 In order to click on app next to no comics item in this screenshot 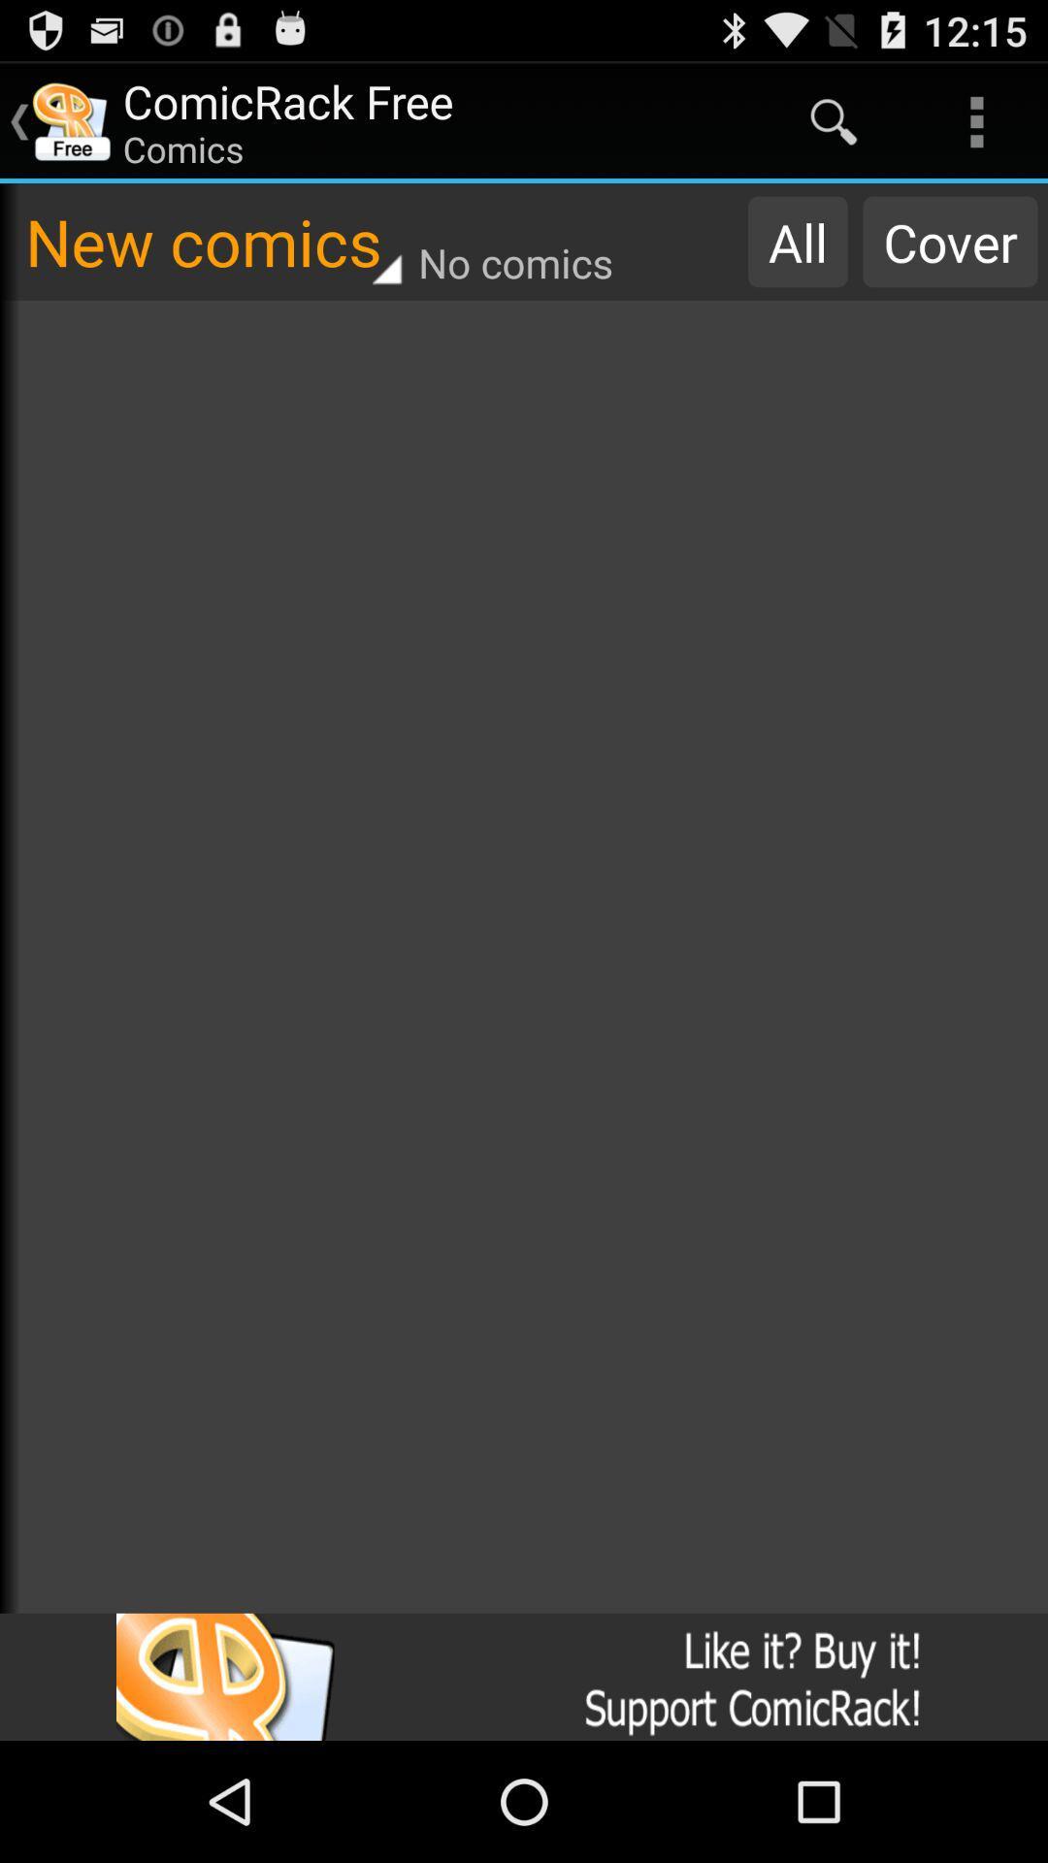, I will do `click(798, 241)`.